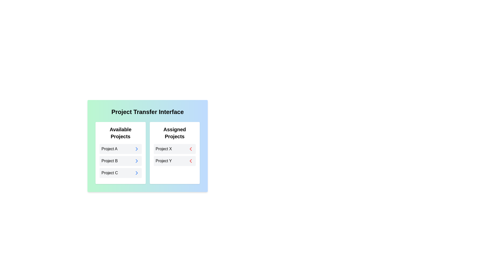 This screenshot has height=270, width=480. What do you see at coordinates (120, 133) in the screenshot?
I see `the 'Available Projects' text label, which is styled in bold medium-large font and positioned prominently at the top of the white card element` at bounding box center [120, 133].